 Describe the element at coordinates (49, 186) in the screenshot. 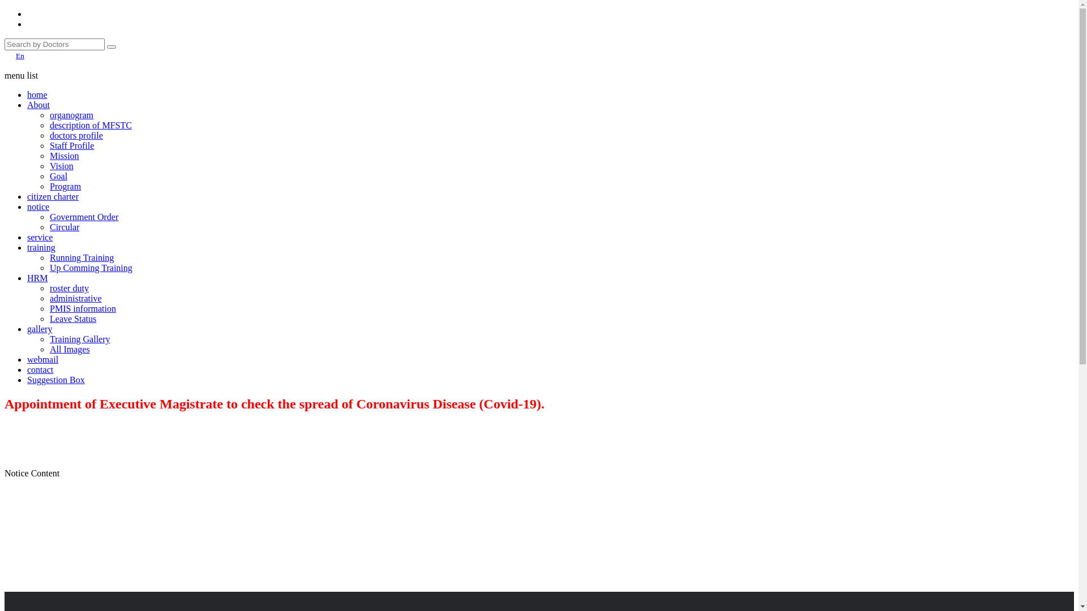

I see `'Program'` at that location.